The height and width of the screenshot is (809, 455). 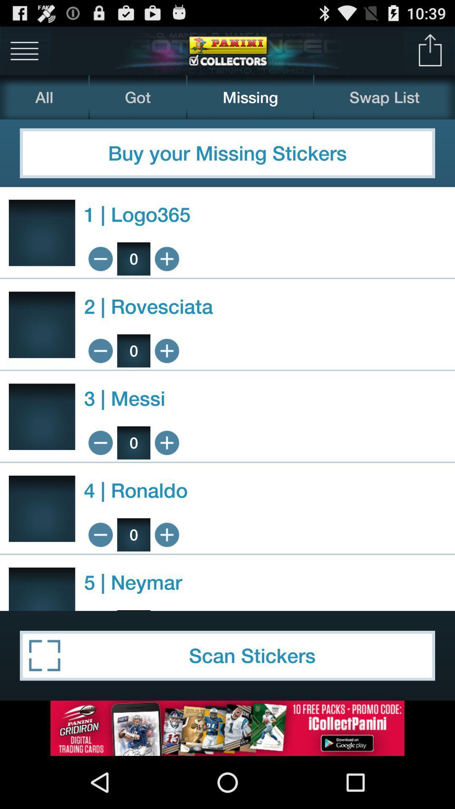 What do you see at coordinates (167, 611) in the screenshot?
I see `product by 1` at bounding box center [167, 611].